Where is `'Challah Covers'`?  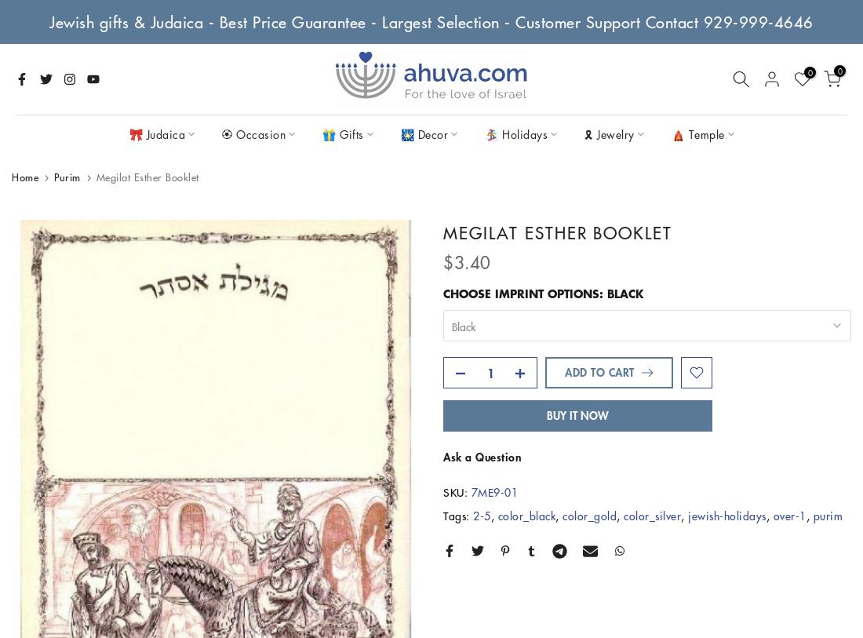 'Challah Covers' is located at coordinates (164, 386).